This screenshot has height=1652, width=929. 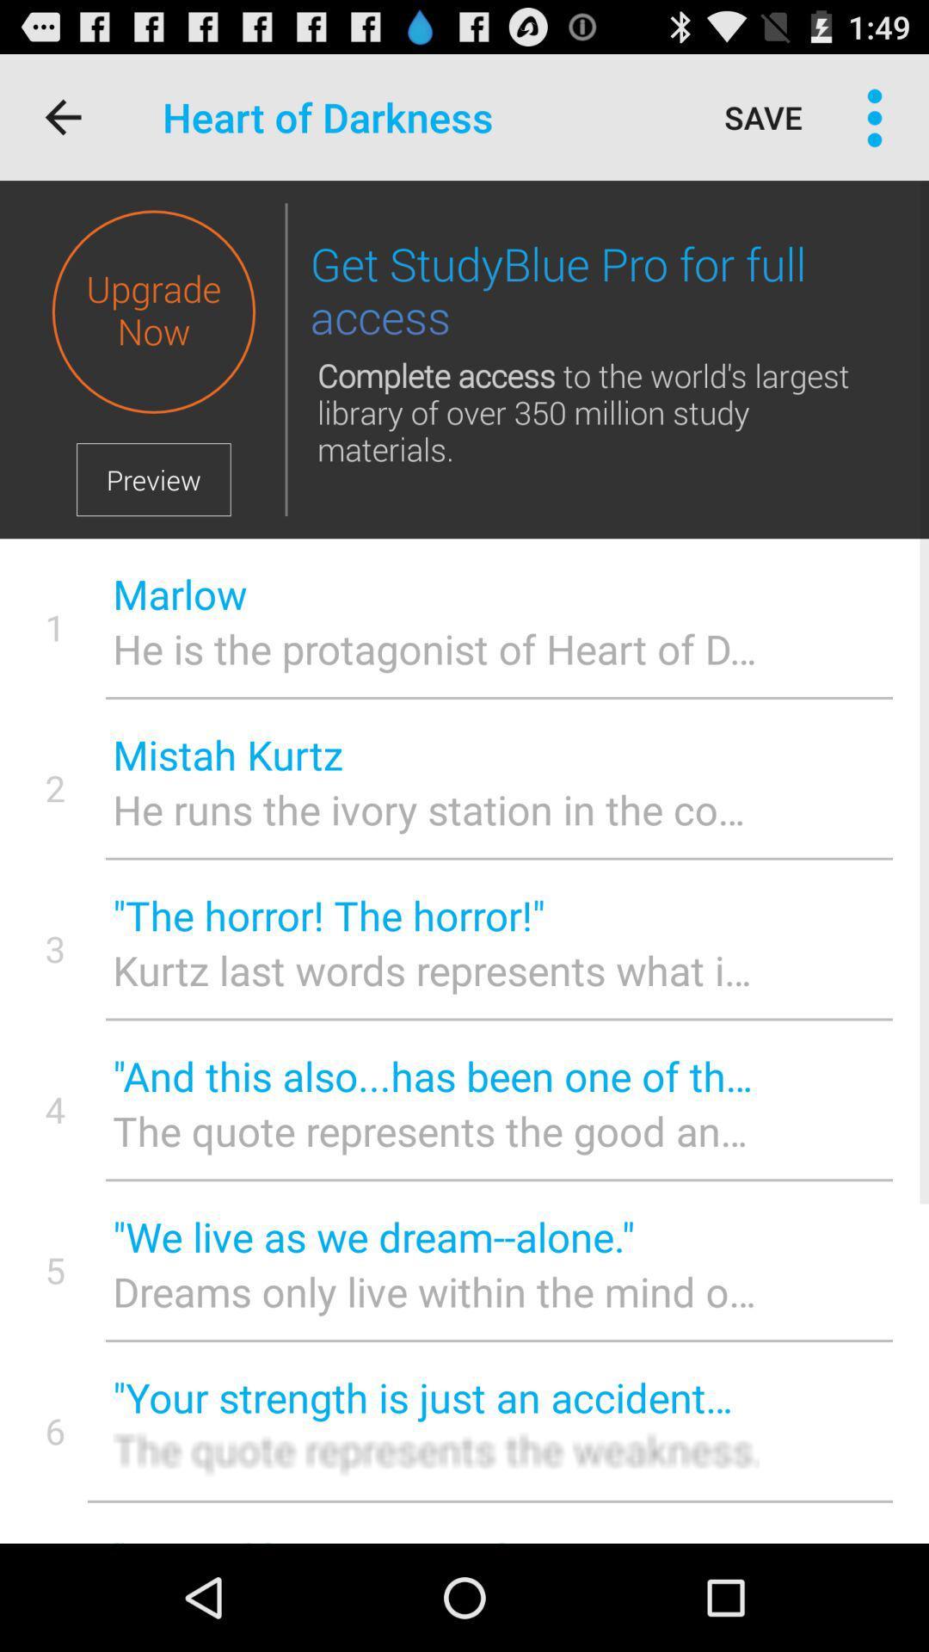 What do you see at coordinates (434, 594) in the screenshot?
I see `the marlow` at bounding box center [434, 594].